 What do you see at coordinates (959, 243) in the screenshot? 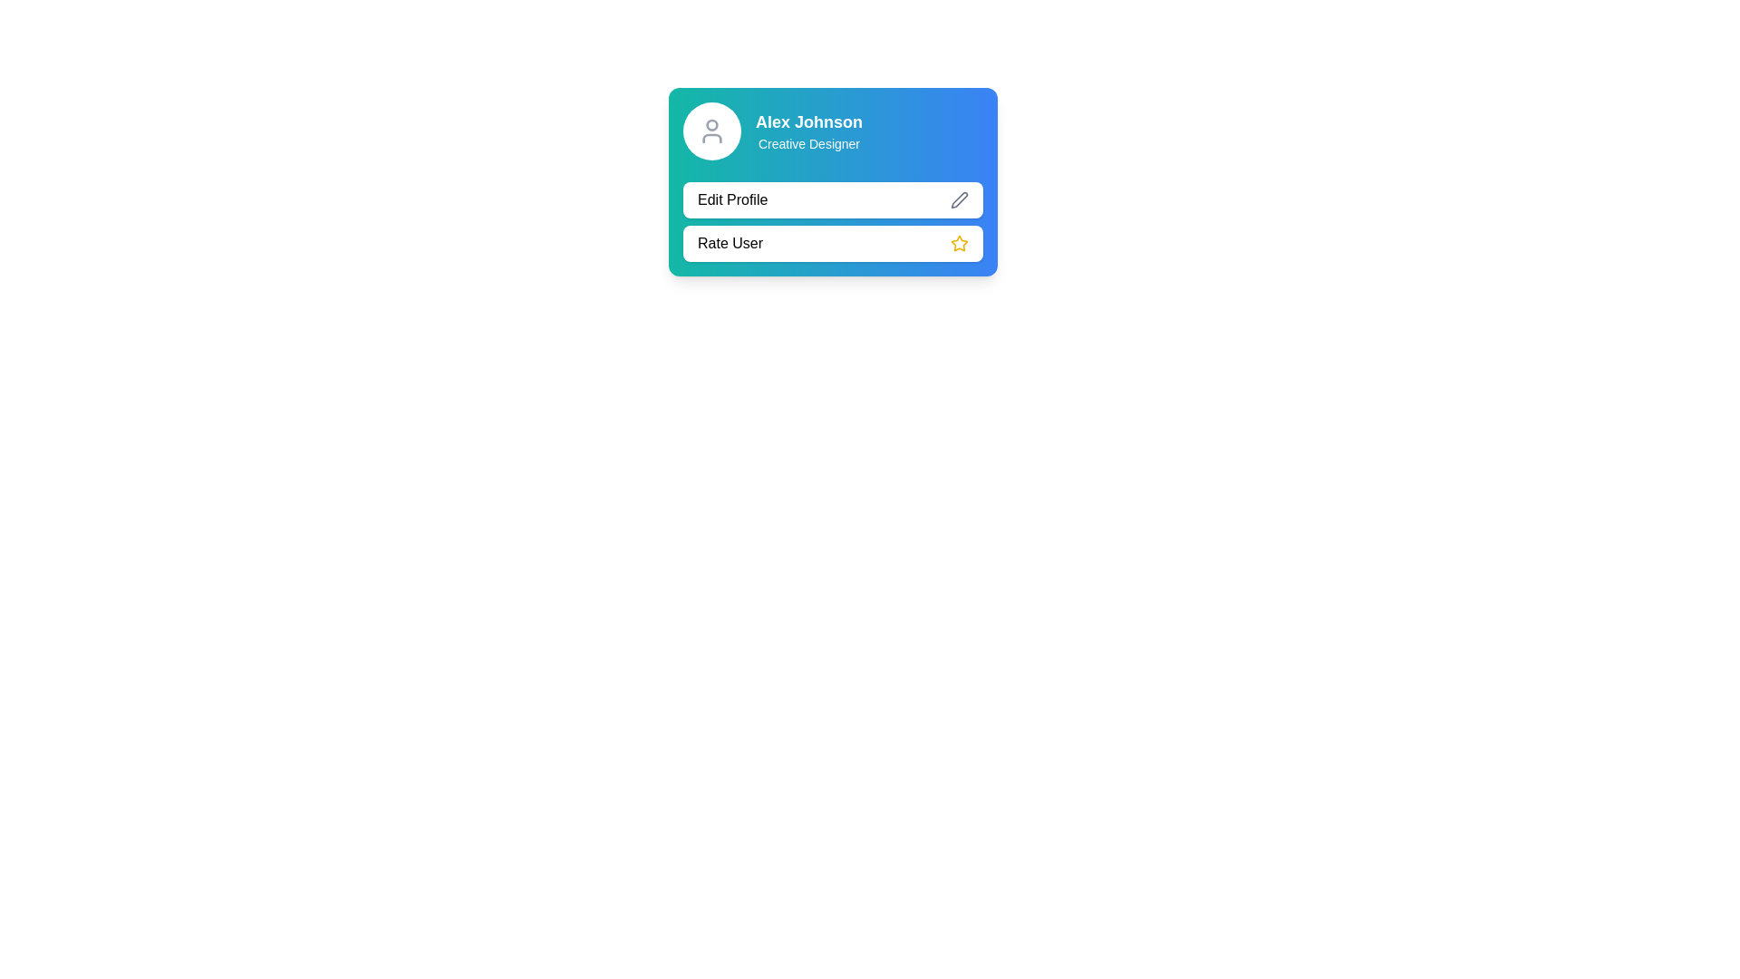
I see `the rating or favorite action icon located to the right of the 'Rate User' text` at bounding box center [959, 243].